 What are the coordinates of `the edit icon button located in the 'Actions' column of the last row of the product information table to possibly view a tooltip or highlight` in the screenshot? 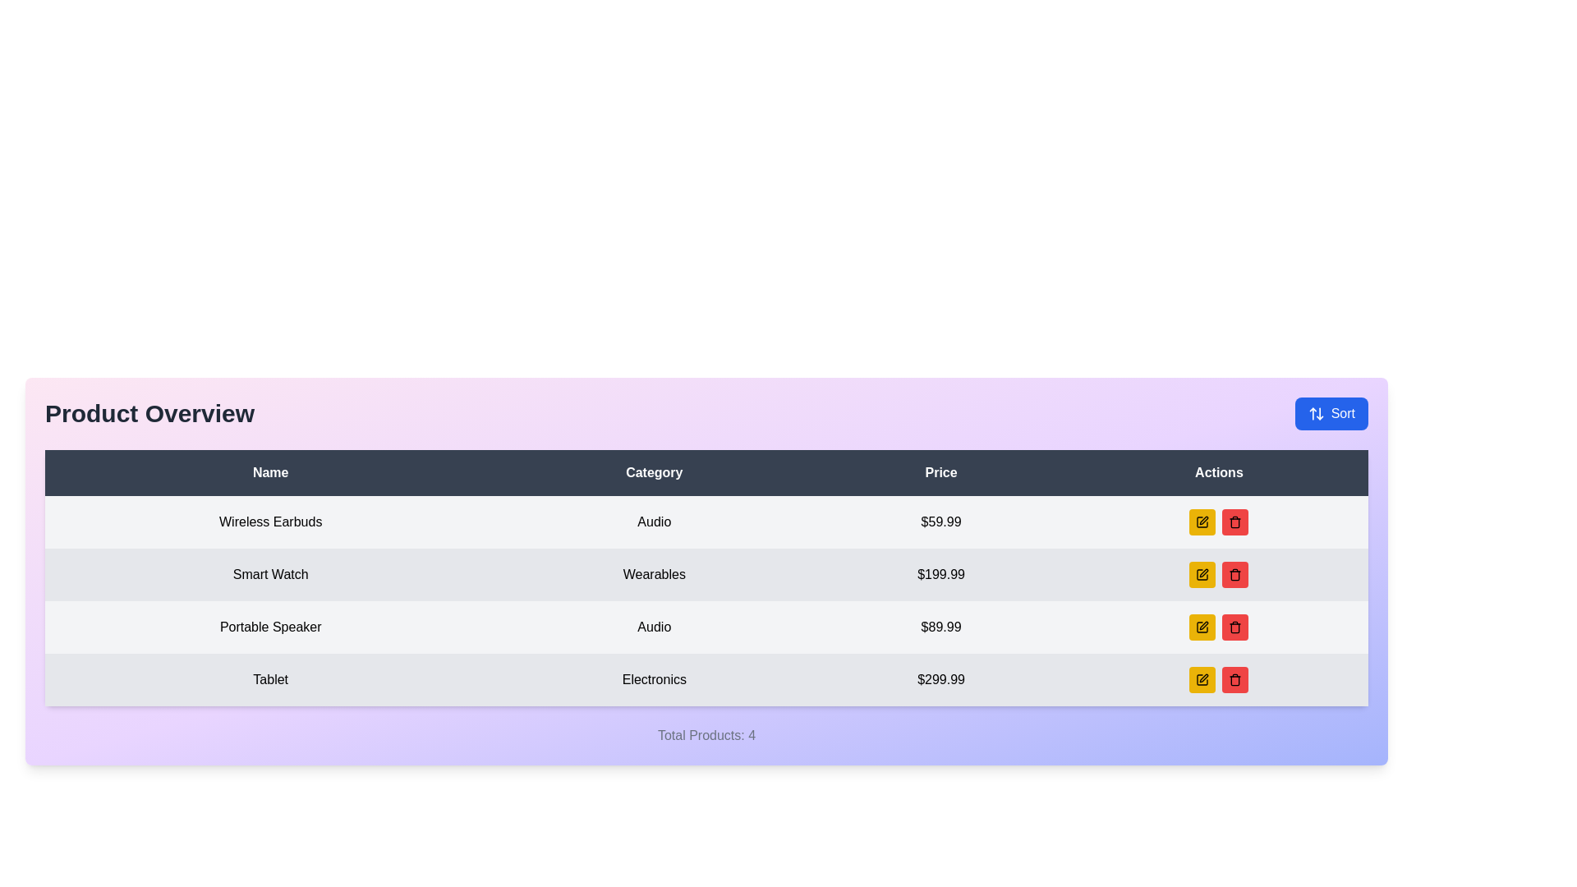 It's located at (1202, 627).